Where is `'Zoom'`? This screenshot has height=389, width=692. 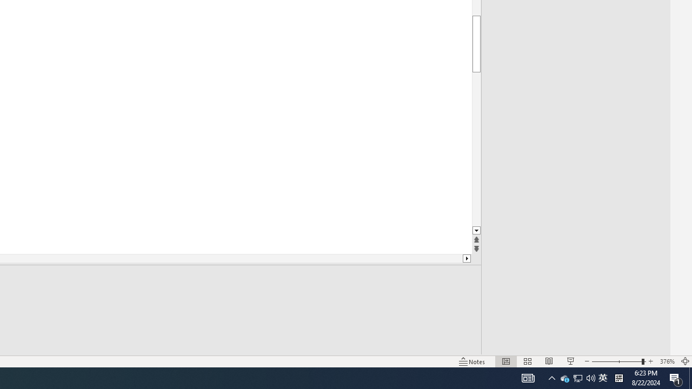
'Zoom' is located at coordinates (618, 361).